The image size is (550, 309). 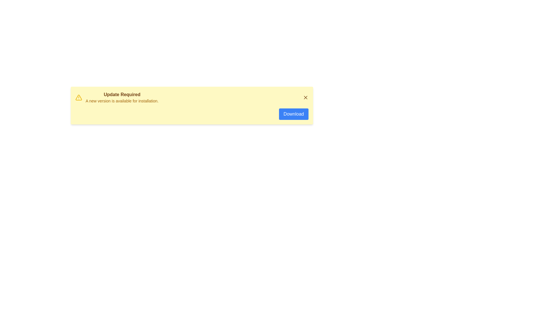 What do you see at coordinates (85, 91) in the screenshot?
I see `the text in the notification alert for copying` at bounding box center [85, 91].